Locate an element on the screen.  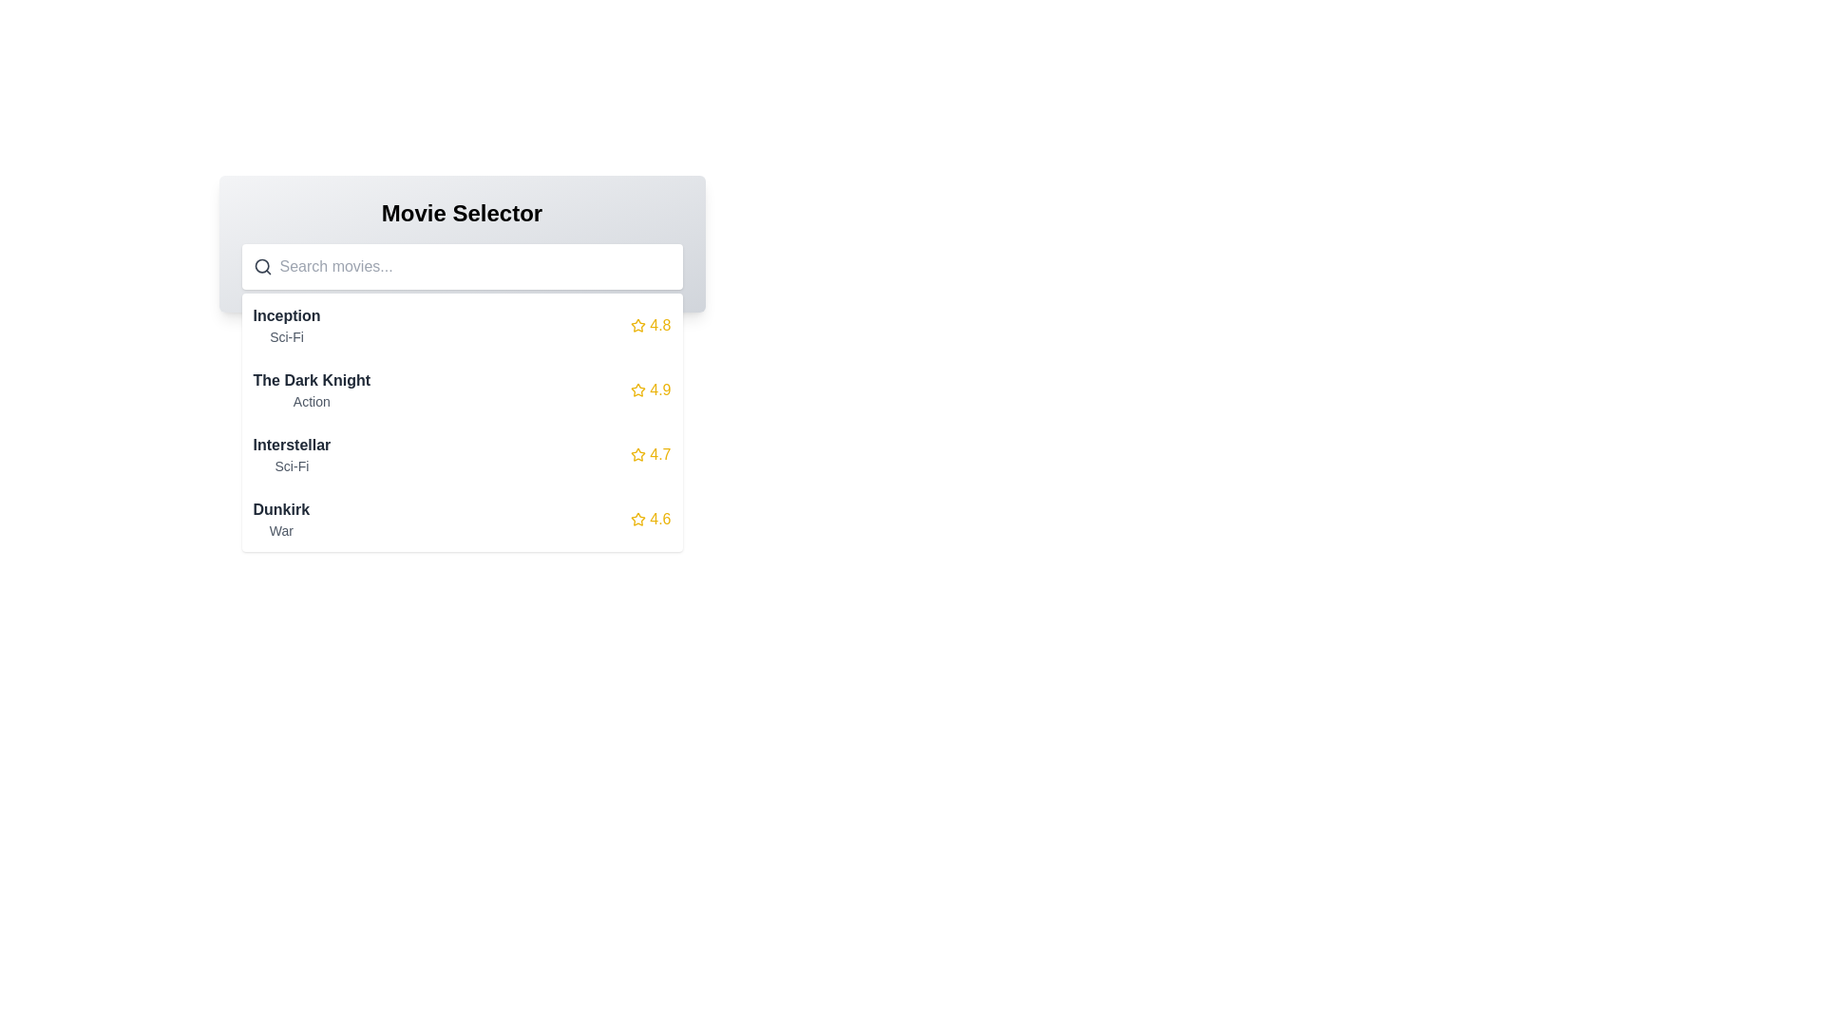
the text label displaying '4.8' in yellow color, which is styled in a bold font and located to the right of a star icon, within the context of the movie 'Inception' is located at coordinates (660, 325).